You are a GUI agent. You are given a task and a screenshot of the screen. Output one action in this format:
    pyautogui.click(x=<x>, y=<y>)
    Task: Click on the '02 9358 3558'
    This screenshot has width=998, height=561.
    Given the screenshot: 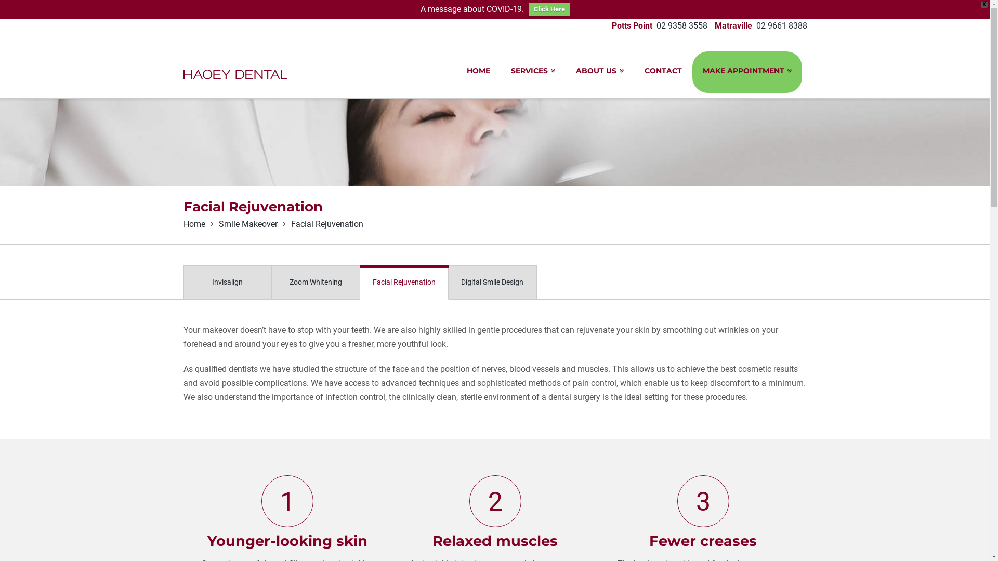 What is the action you would take?
    pyautogui.click(x=681, y=25)
    